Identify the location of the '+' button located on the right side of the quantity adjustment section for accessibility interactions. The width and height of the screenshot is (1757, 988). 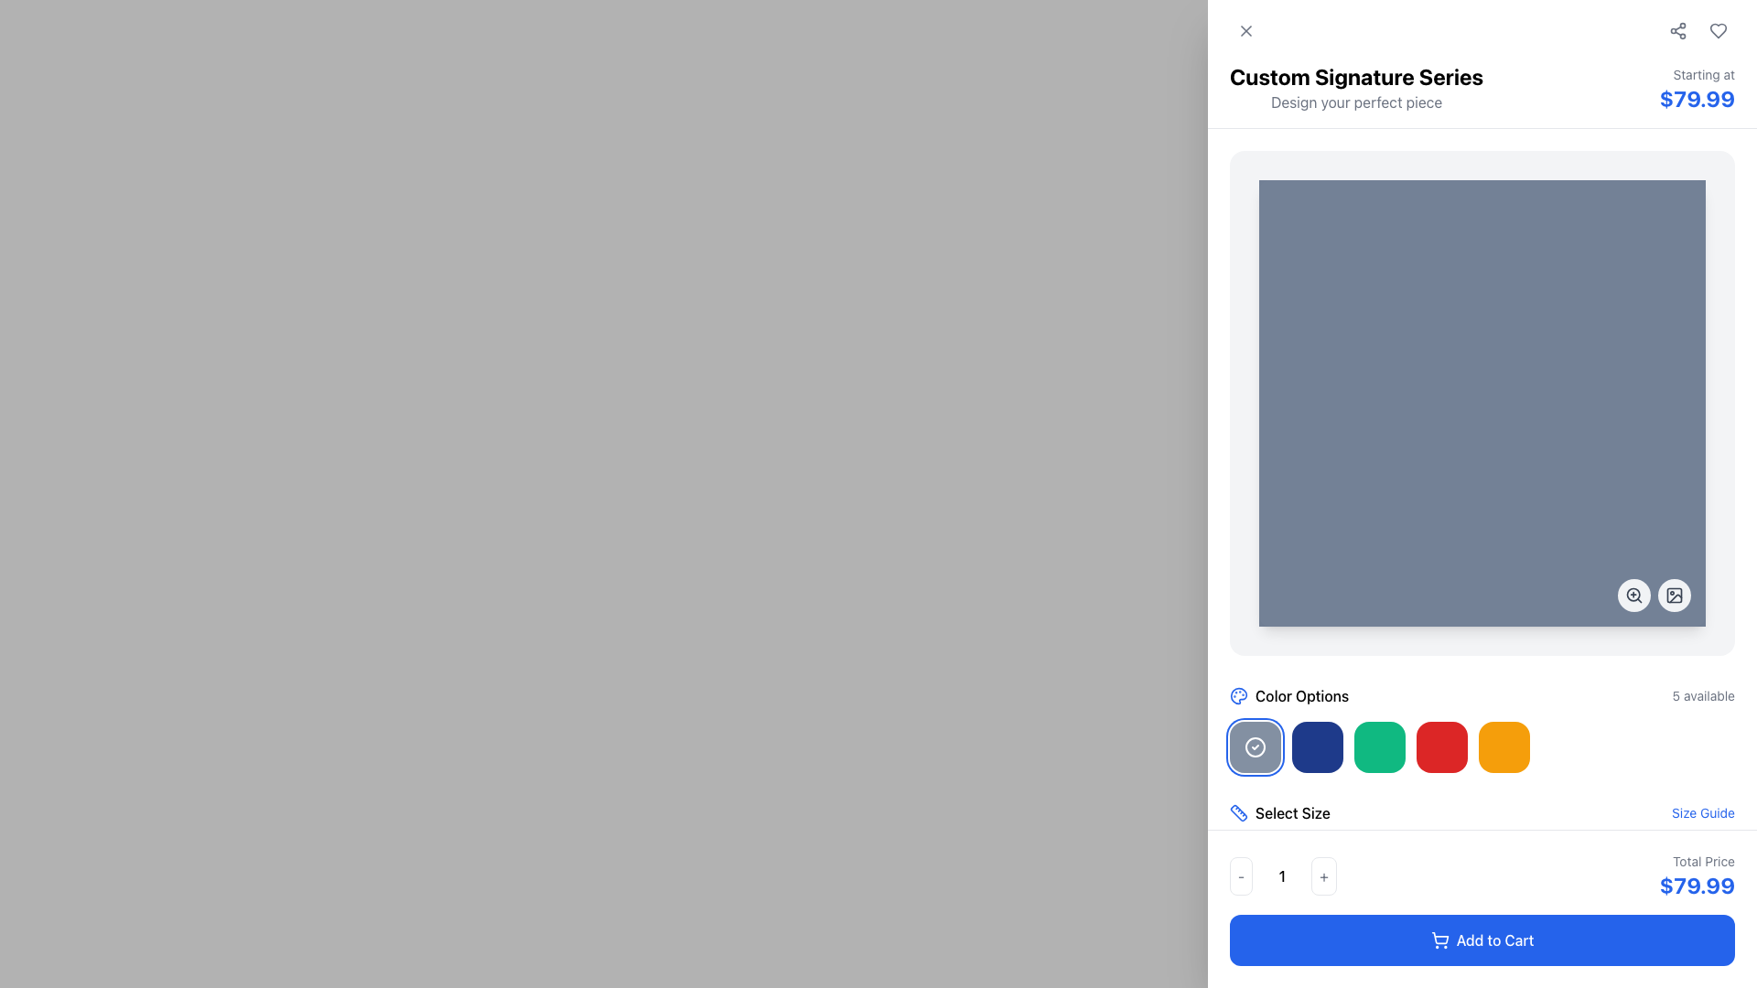
(1324, 875).